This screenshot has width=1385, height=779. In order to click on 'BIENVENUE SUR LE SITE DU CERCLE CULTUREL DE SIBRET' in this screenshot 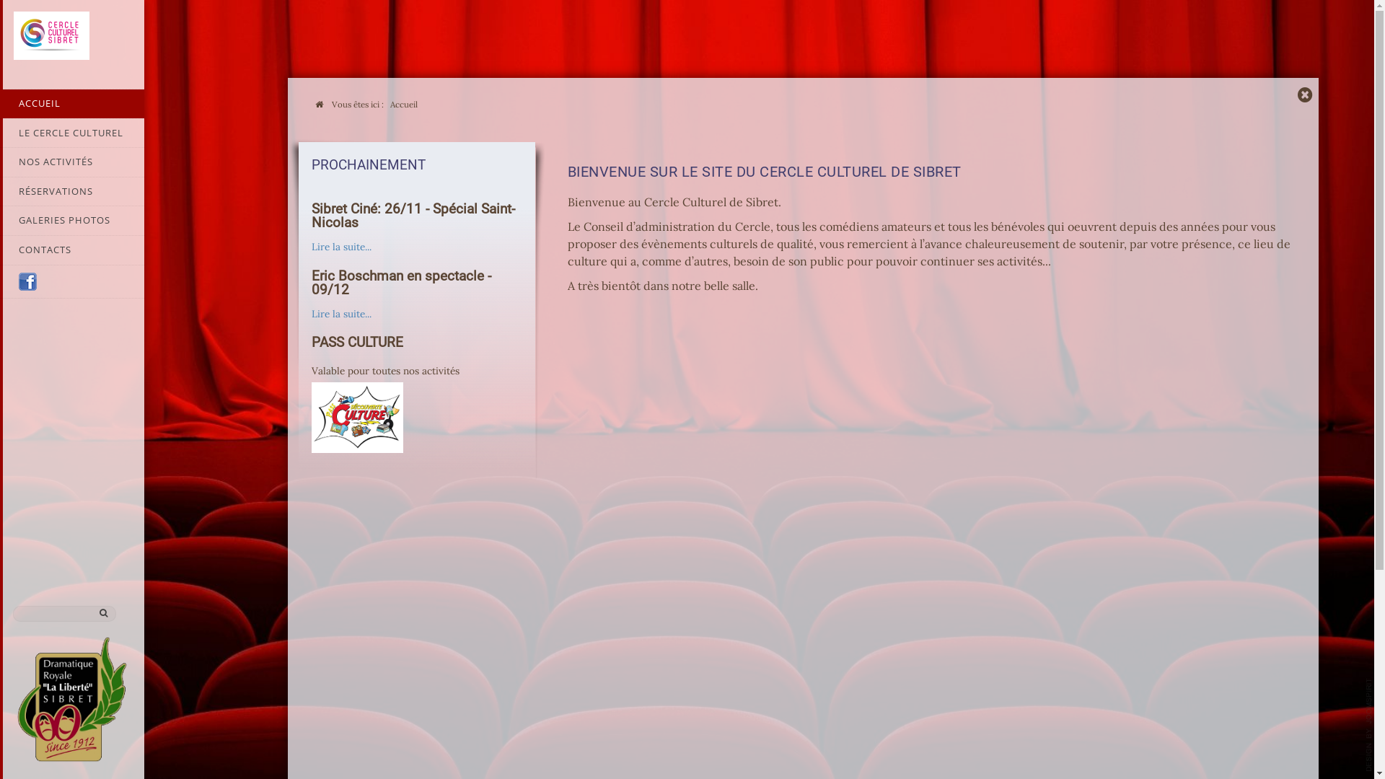, I will do `click(764, 171)`.